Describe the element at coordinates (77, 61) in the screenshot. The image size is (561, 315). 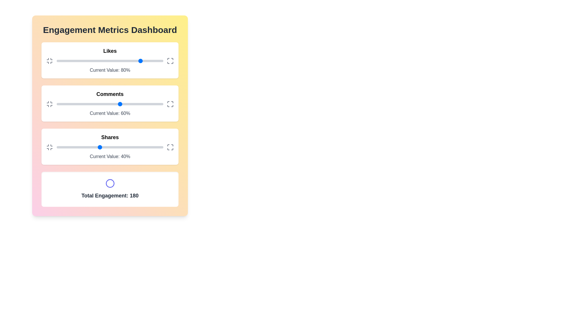
I see `the slider` at that location.